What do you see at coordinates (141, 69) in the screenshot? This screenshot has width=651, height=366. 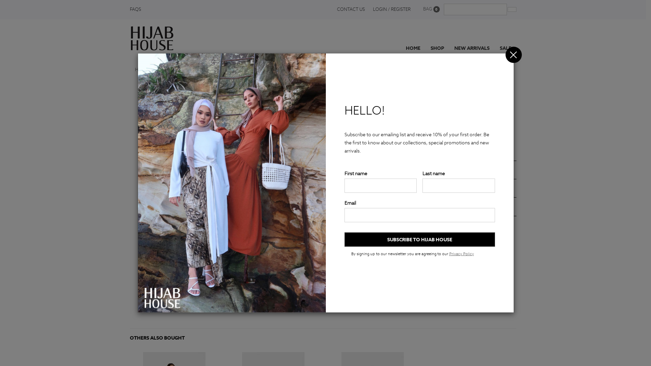 I see `'Home'` at bounding box center [141, 69].